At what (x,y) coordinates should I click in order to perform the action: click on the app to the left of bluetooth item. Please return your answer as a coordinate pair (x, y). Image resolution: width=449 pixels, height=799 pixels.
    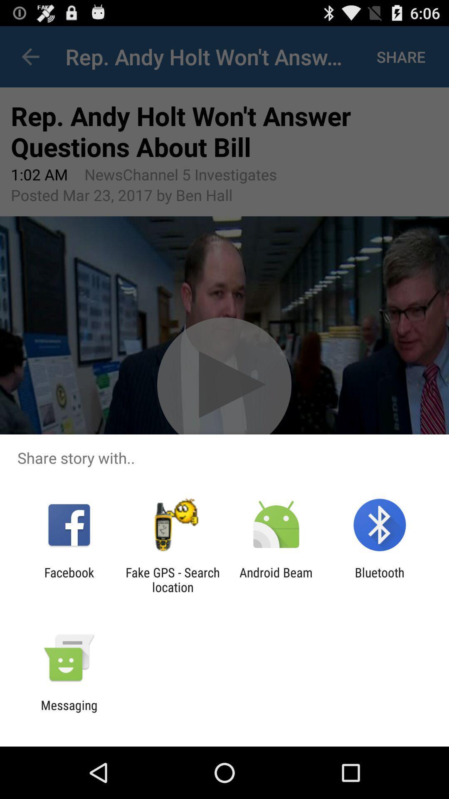
    Looking at the image, I should click on (276, 579).